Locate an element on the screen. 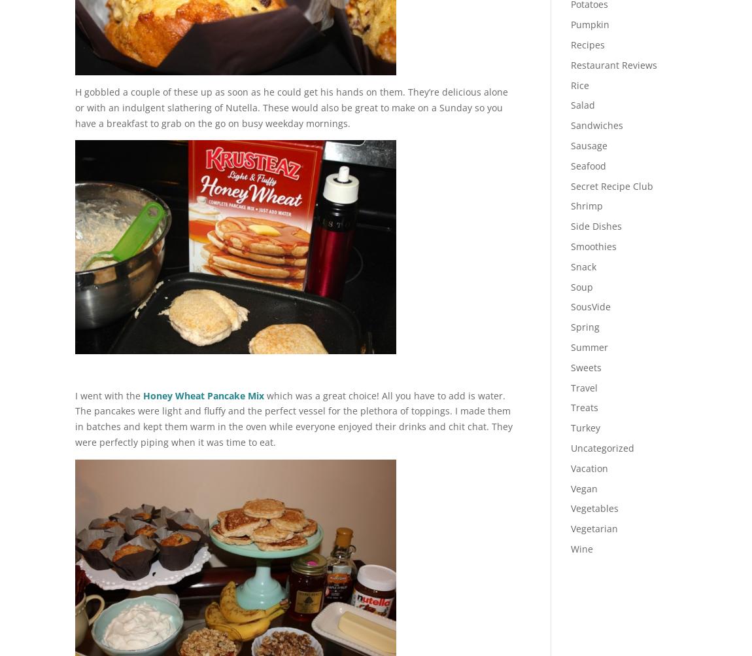 This screenshot has height=656, width=752. 'Treats' is located at coordinates (583, 407).